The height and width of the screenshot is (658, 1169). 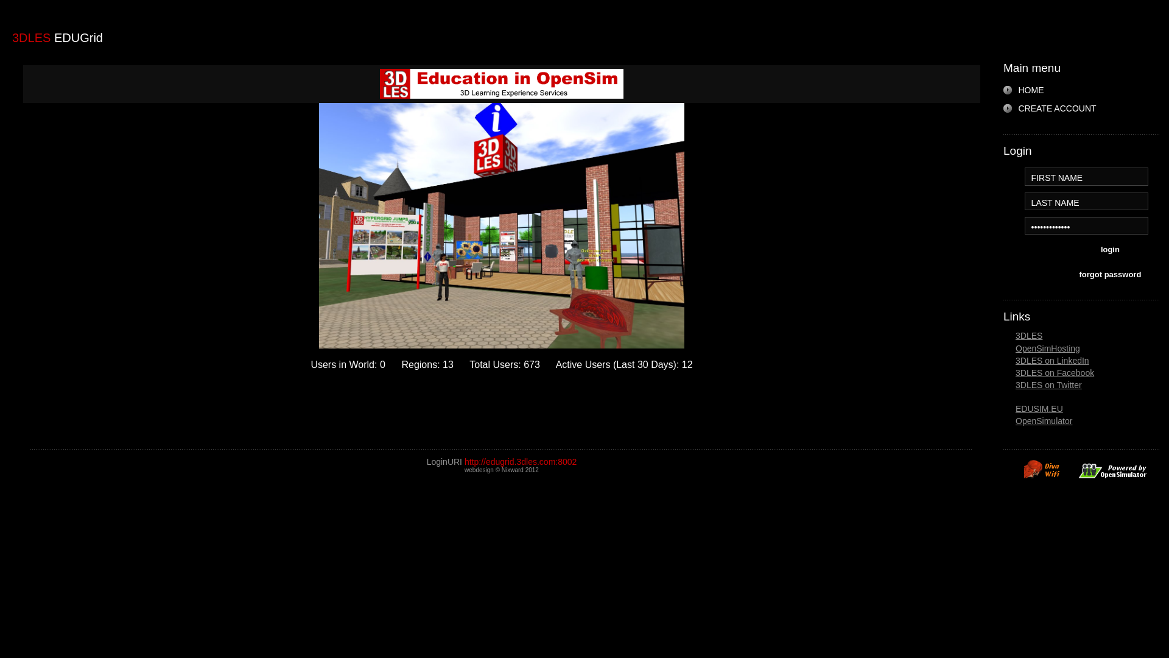 I want to click on 'CREATE ACCOUNT', so click(x=1003, y=107).